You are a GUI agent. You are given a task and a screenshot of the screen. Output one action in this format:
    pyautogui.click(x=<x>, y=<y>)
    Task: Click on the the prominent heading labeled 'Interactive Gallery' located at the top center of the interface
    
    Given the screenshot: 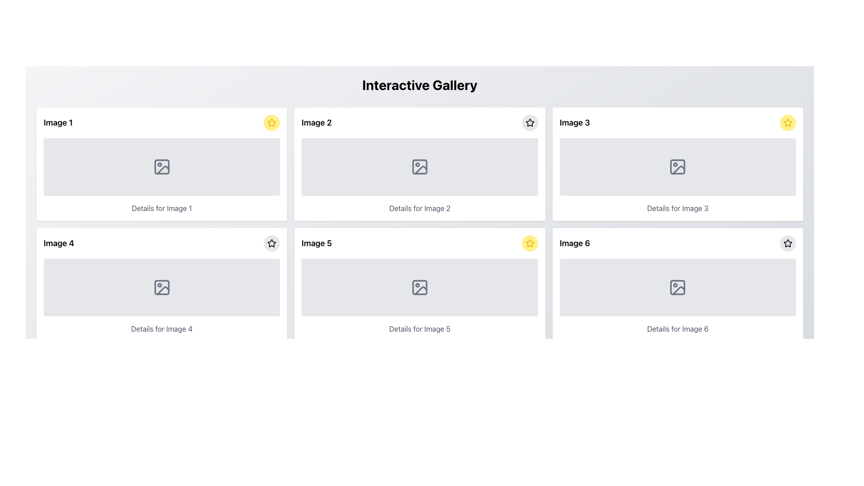 What is the action you would take?
    pyautogui.click(x=419, y=85)
    